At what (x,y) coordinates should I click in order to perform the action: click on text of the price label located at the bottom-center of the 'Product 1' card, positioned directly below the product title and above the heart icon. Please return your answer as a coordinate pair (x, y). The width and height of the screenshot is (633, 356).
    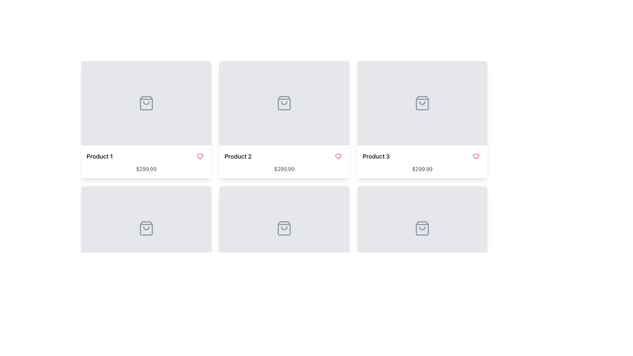
    Looking at the image, I should click on (146, 169).